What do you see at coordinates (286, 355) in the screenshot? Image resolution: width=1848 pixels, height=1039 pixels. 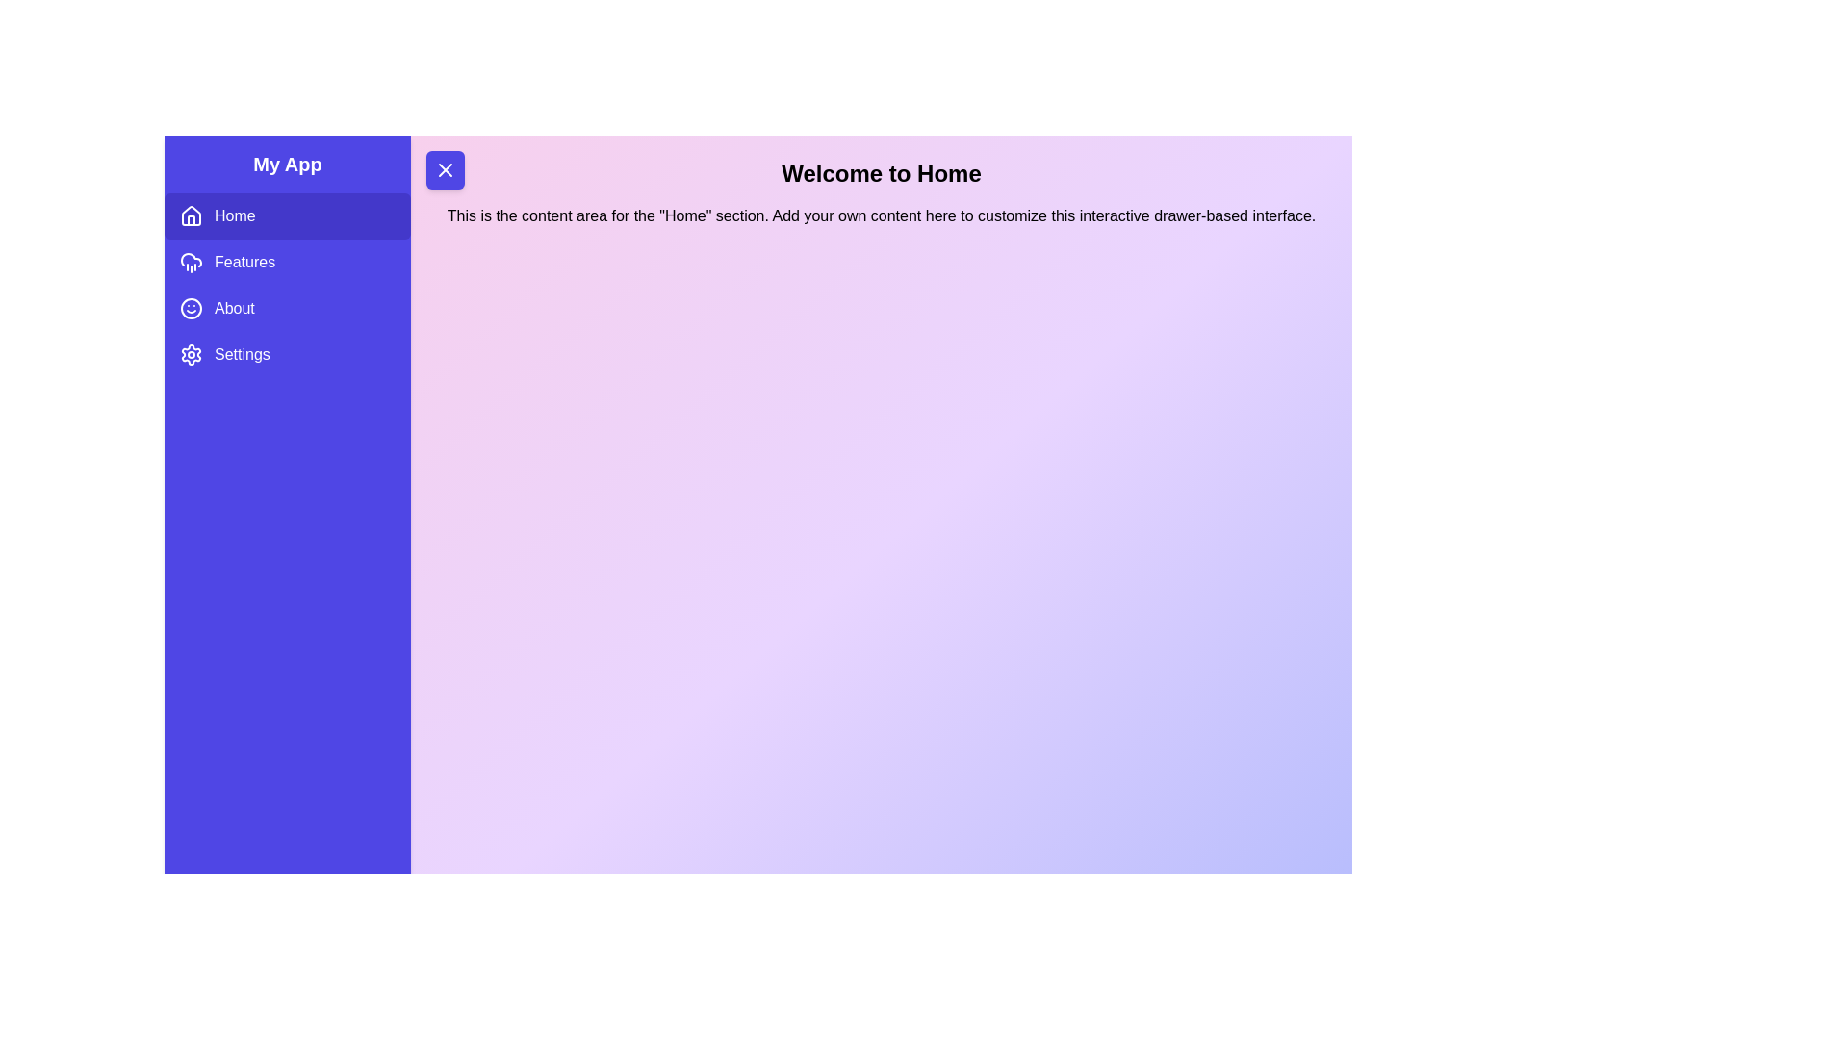 I see `the sidebar item Settings` at bounding box center [286, 355].